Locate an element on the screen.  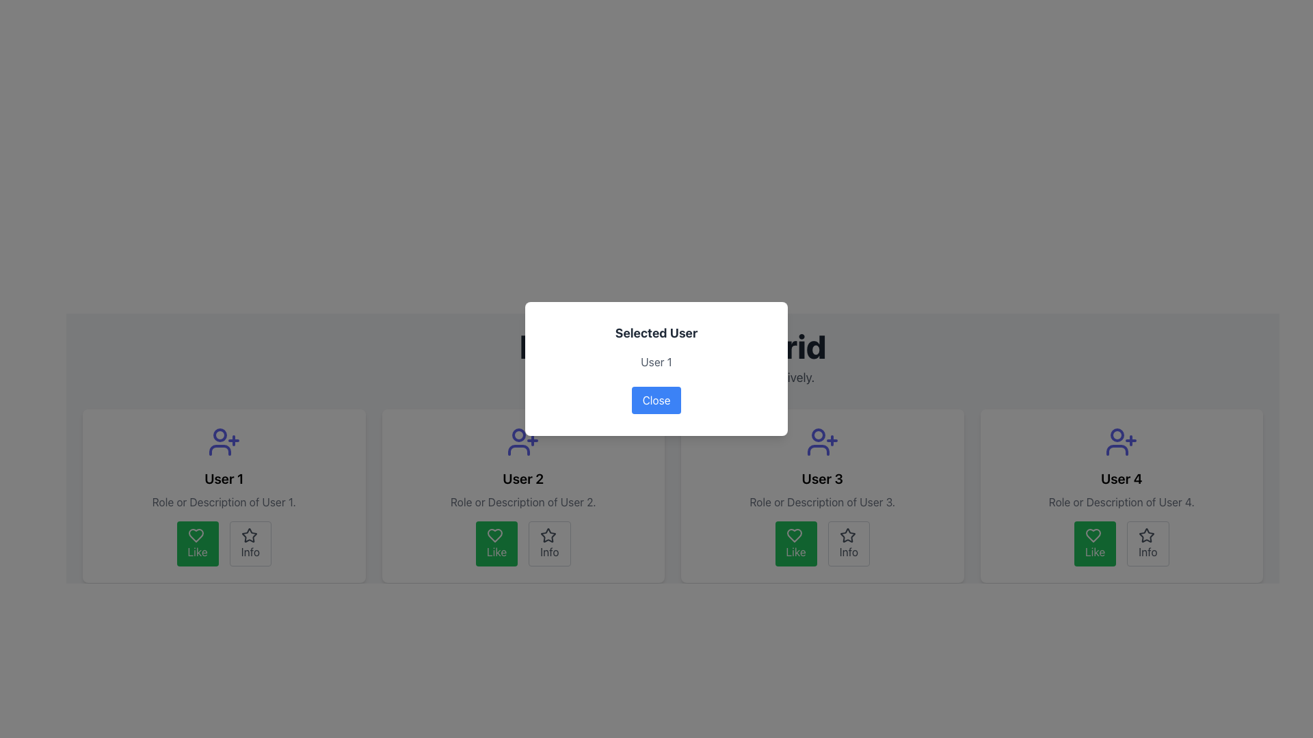
the 'Like' button on the grouped button control located below the user details for 'User 1' to express interest is located at coordinates (224, 543).